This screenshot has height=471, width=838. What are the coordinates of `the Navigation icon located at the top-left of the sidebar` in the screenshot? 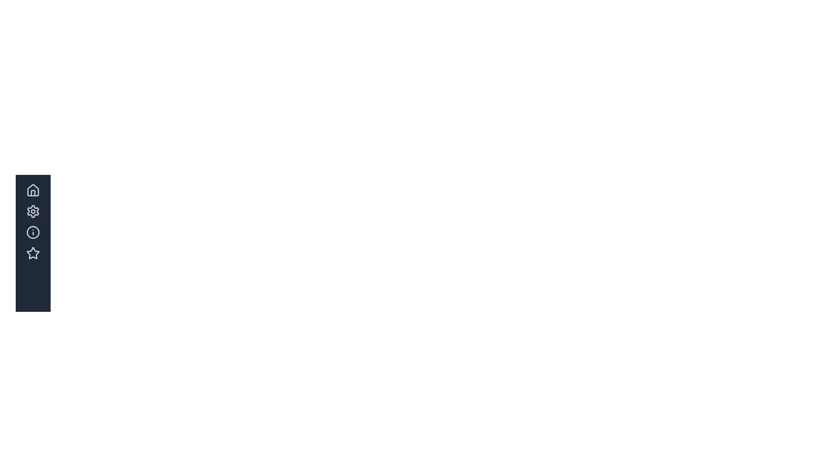 It's located at (33, 190).